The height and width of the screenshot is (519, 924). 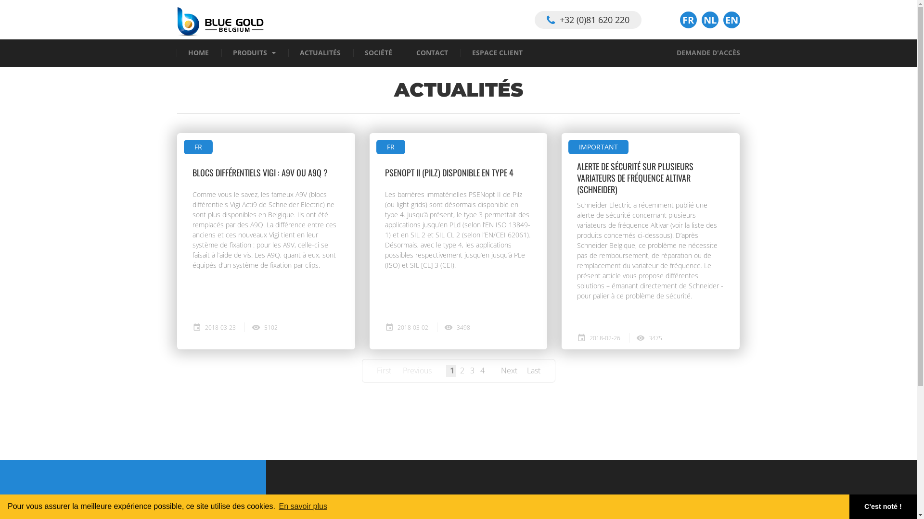 What do you see at coordinates (587, 19) in the screenshot?
I see `'+32 (0)81 620 220'` at bounding box center [587, 19].